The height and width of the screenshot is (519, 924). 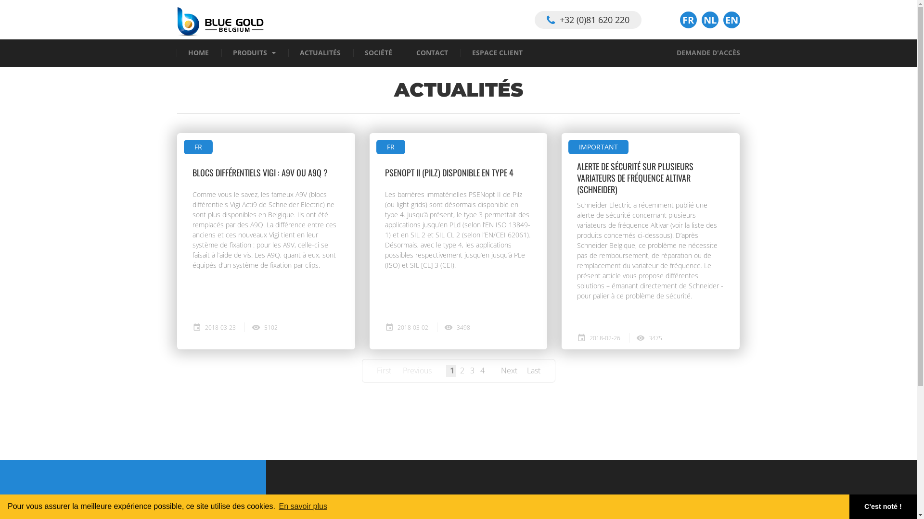 What do you see at coordinates (587, 19) in the screenshot?
I see `'+32 (0)81 620 220'` at bounding box center [587, 19].